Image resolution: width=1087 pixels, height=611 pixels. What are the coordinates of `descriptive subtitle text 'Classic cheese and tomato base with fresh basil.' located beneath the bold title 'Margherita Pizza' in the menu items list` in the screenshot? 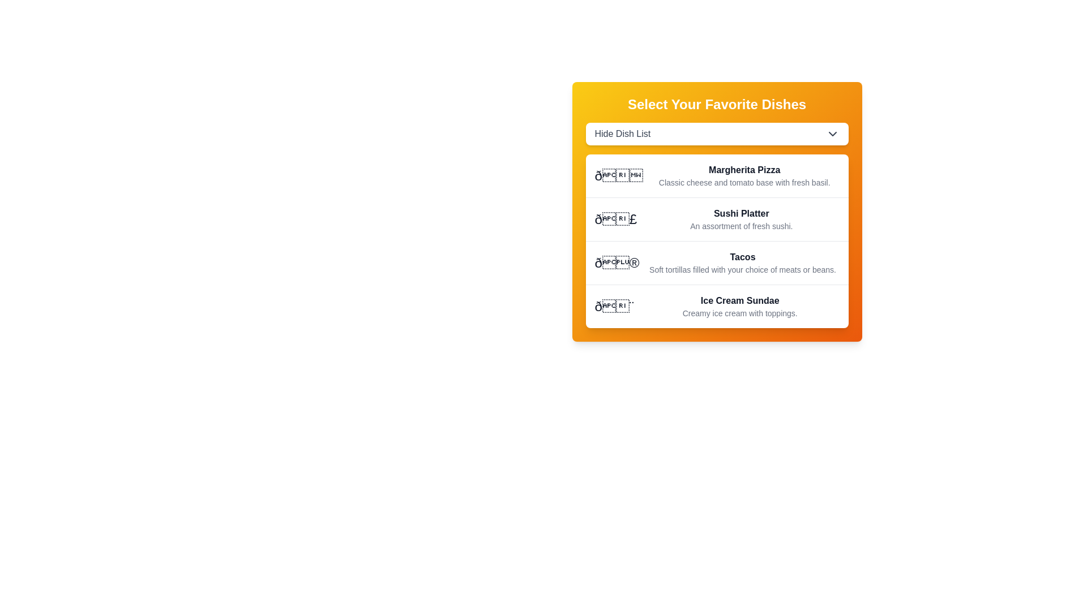 It's located at (744, 182).